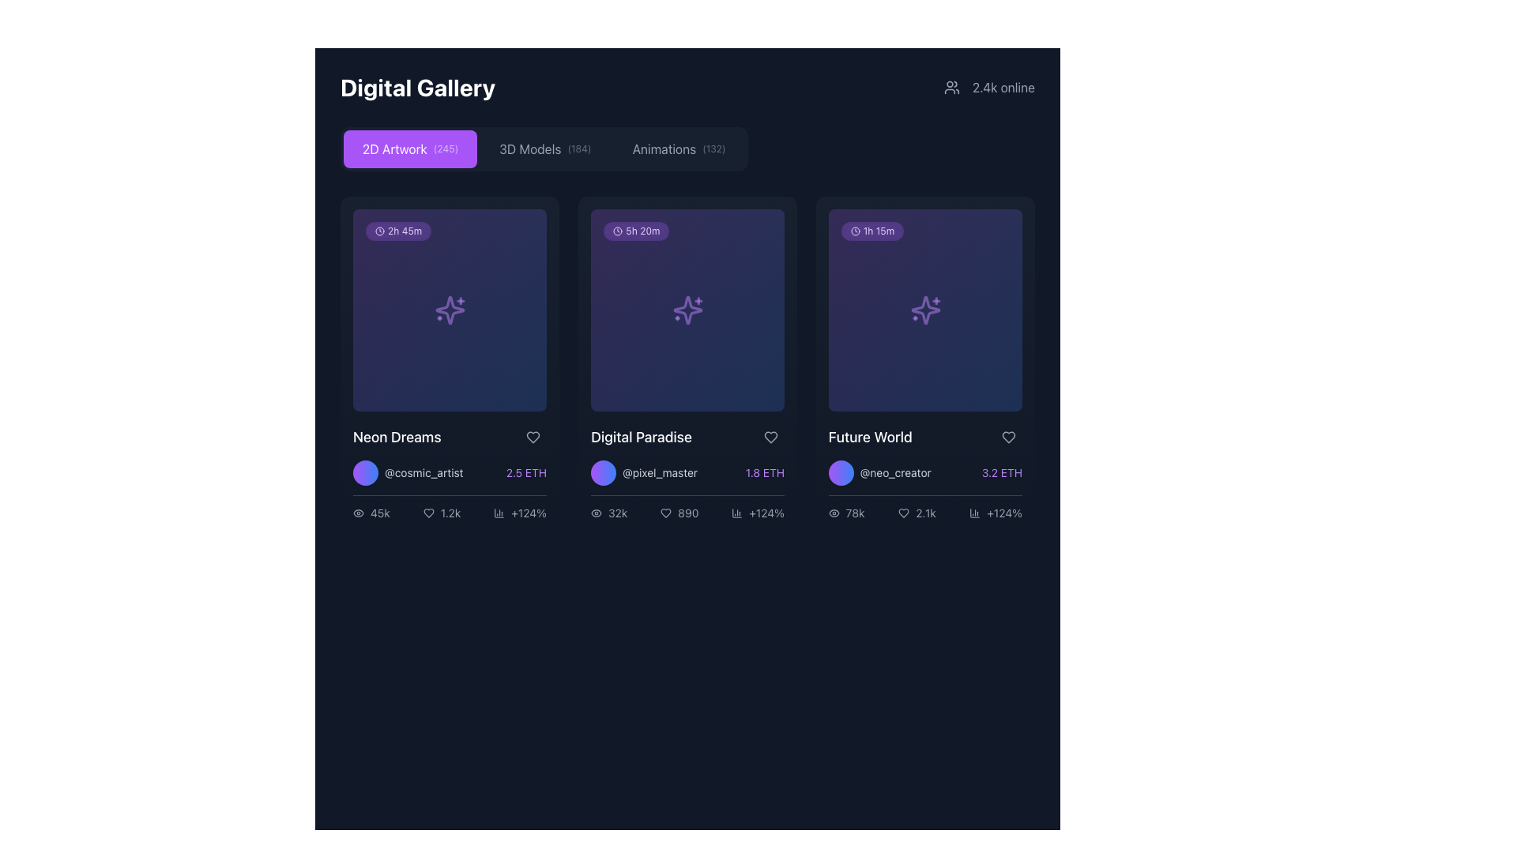 The height and width of the screenshot is (853, 1517). What do you see at coordinates (410, 149) in the screenshot?
I see `the leftmost button under the 'Digital Gallery' heading to filter the gallery to show 2D artwork items` at bounding box center [410, 149].